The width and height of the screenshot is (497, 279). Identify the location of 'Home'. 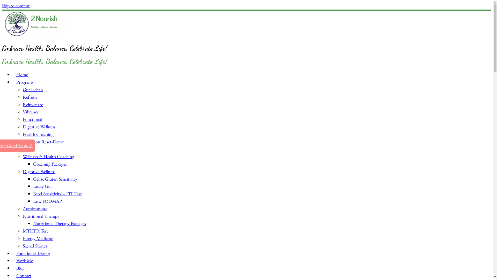
(22, 74).